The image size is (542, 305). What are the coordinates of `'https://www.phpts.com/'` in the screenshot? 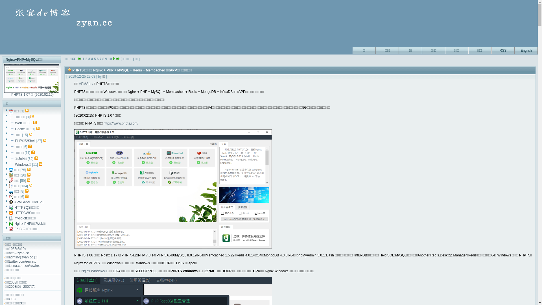 It's located at (121, 123).